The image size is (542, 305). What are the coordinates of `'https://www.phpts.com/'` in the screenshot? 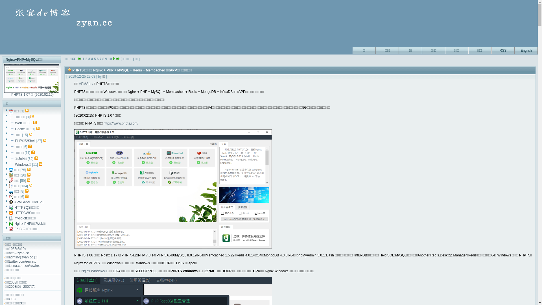 It's located at (121, 123).